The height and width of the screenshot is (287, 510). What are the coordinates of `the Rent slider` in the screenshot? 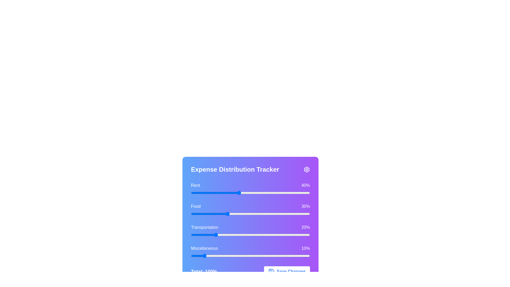 It's located at (214, 193).